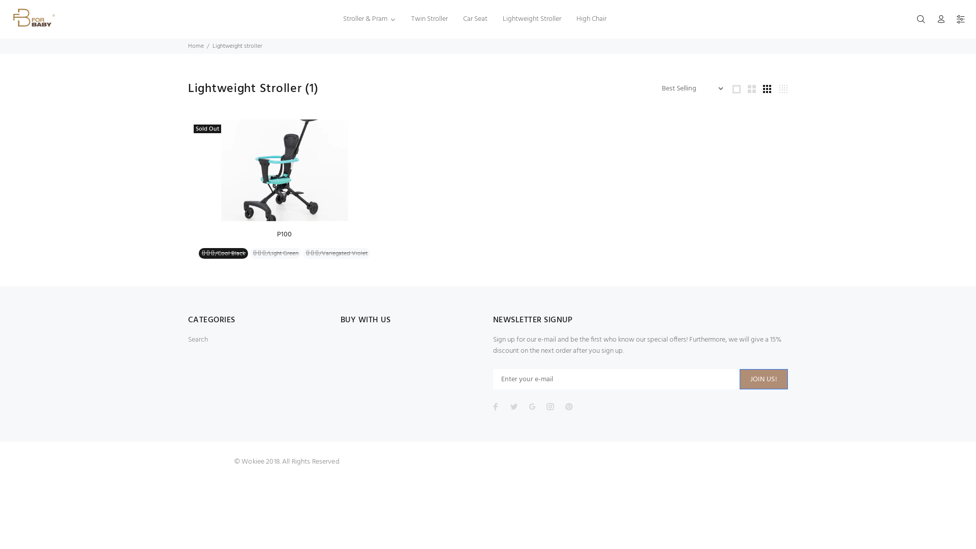 This screenshot has height=549, width=976. I want to click on 'Search', so click(198, 340).